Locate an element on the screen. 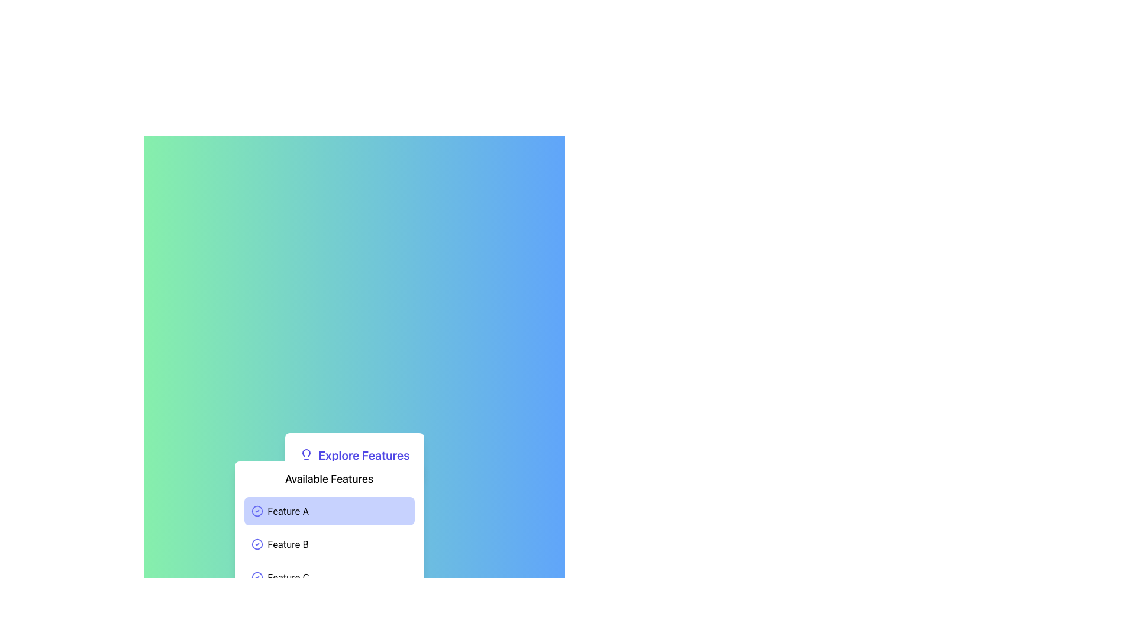 Image resolution: width=1136 pixels, height=639 pixels. the interactive link or button located at the top of the 'Available Features' section, which is centrally aligned and the first element in this group is located at coordinates (354, 455).